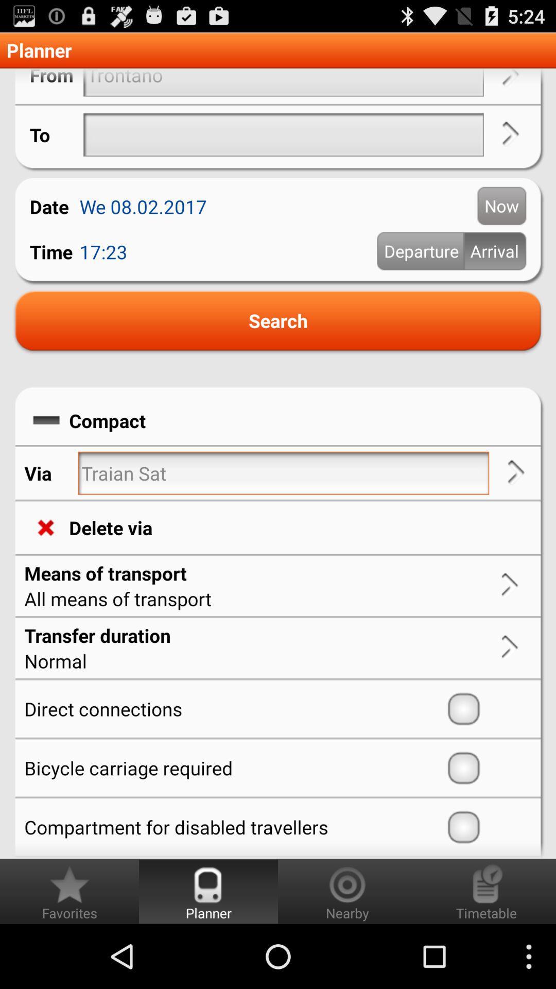  What do you see at coordinates (233, 827) in the screenshot?
I see `the text below bicycle carriage required` at bounding box center [233, 827].